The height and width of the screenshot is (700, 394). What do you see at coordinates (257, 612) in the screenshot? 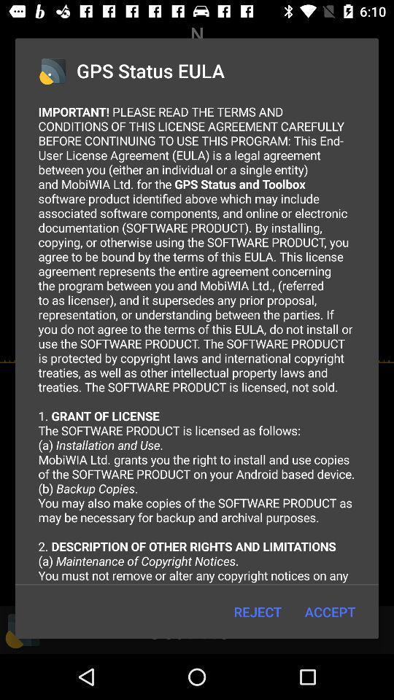
I see `the item to the left of accept icon` at bounding box center [257, 612].